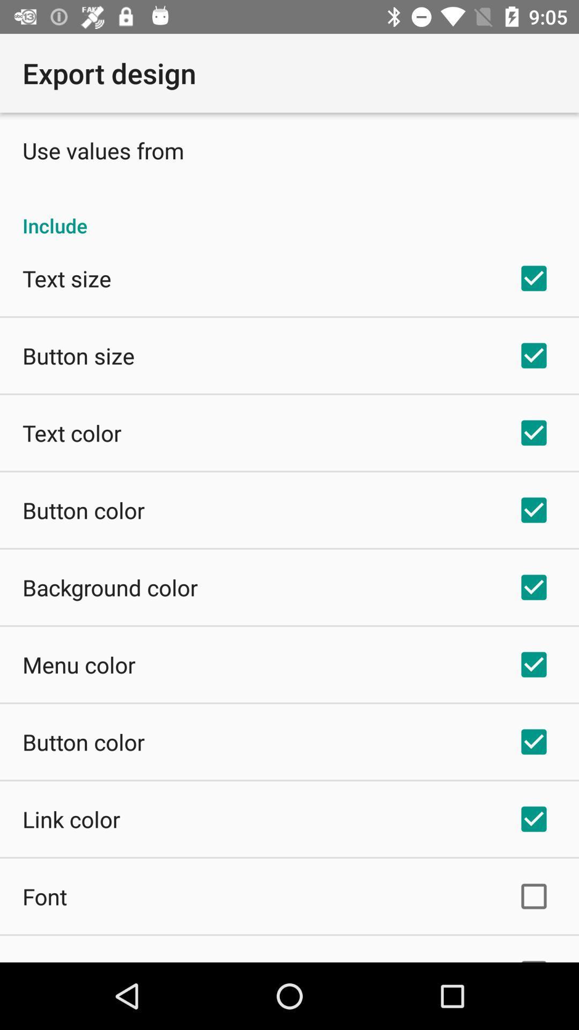 This screenshot has height=1030, width=579. Describe the element at coordinates (289, 214) in the screenshot. I see `the include item` at that location.